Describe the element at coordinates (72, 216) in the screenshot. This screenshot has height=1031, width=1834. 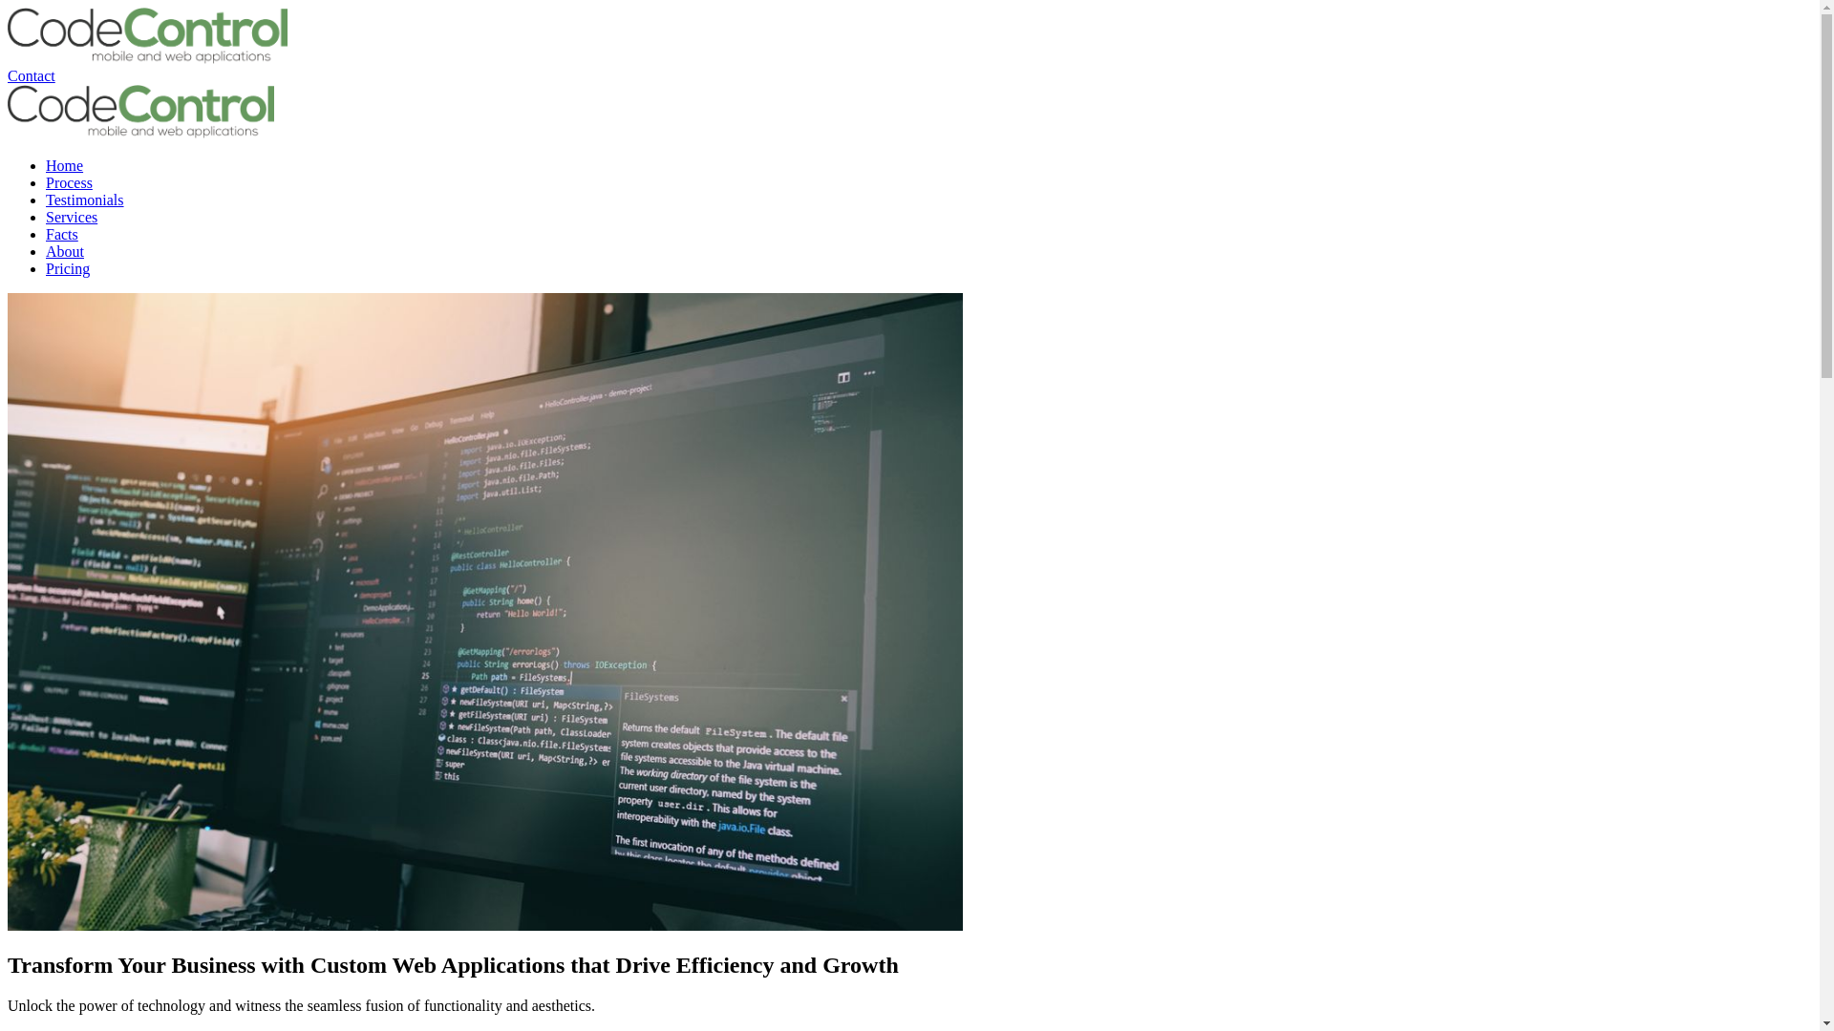
I see `'Services'` at that location.